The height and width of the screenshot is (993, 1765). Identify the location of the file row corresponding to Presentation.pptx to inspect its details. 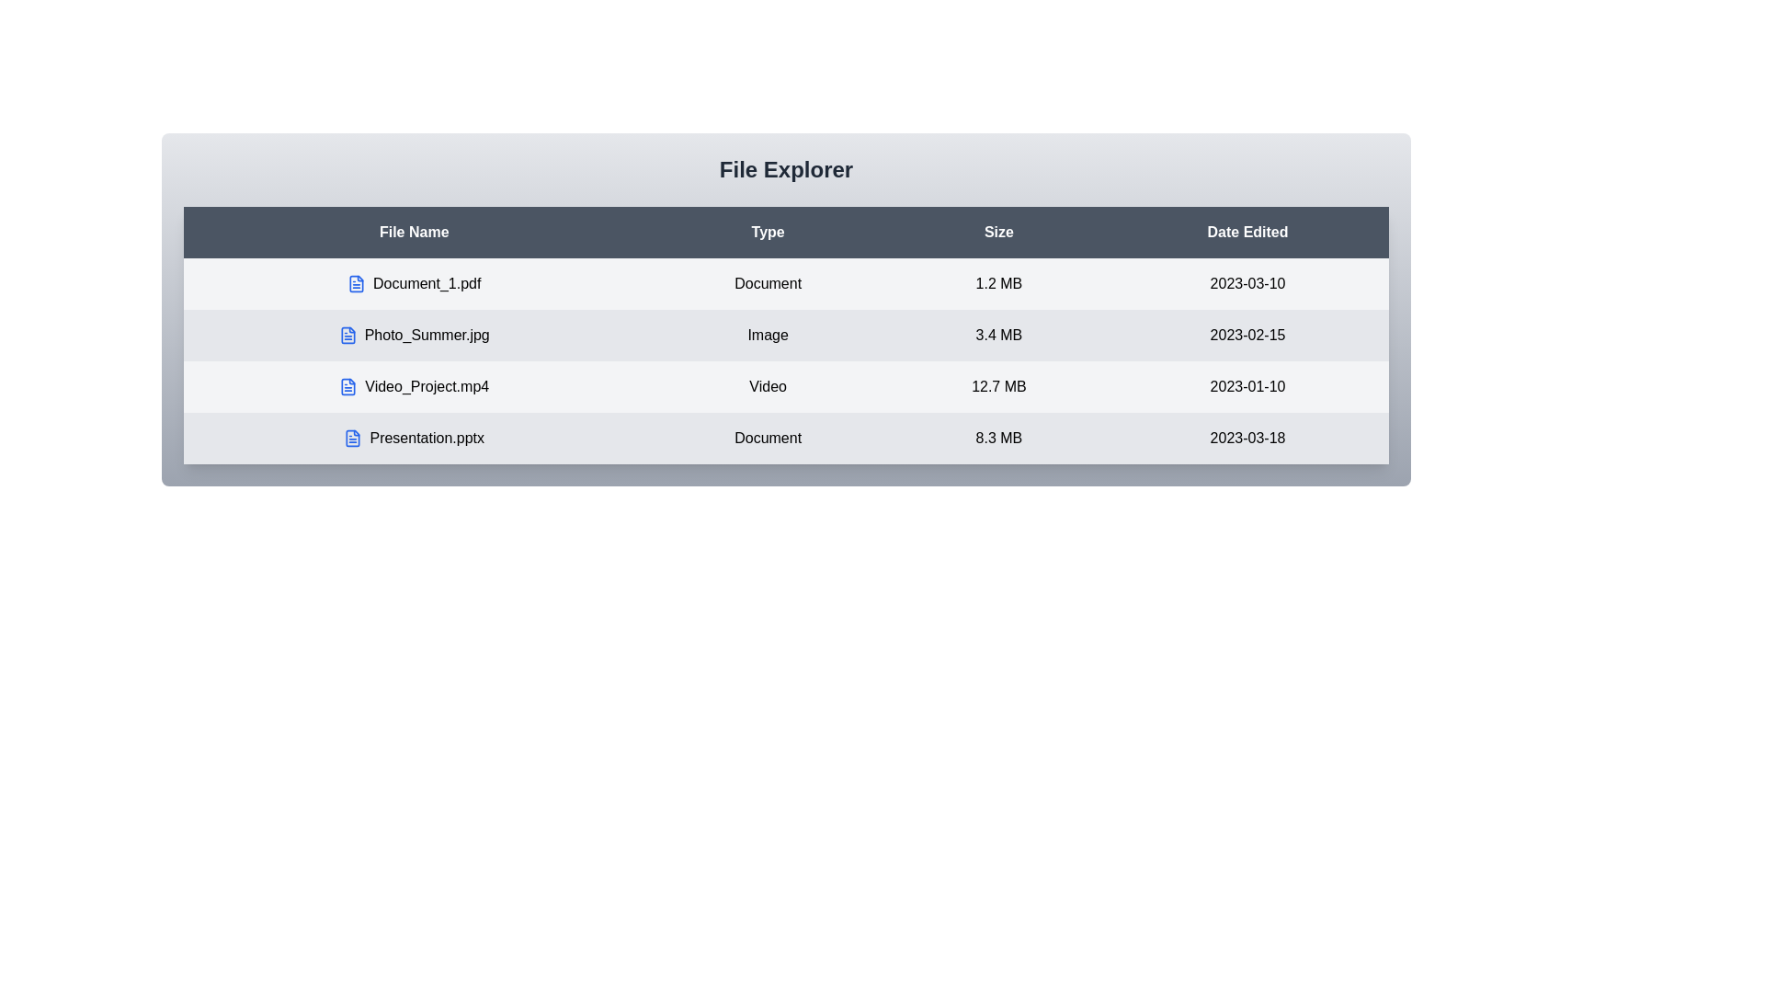
(413, 439).